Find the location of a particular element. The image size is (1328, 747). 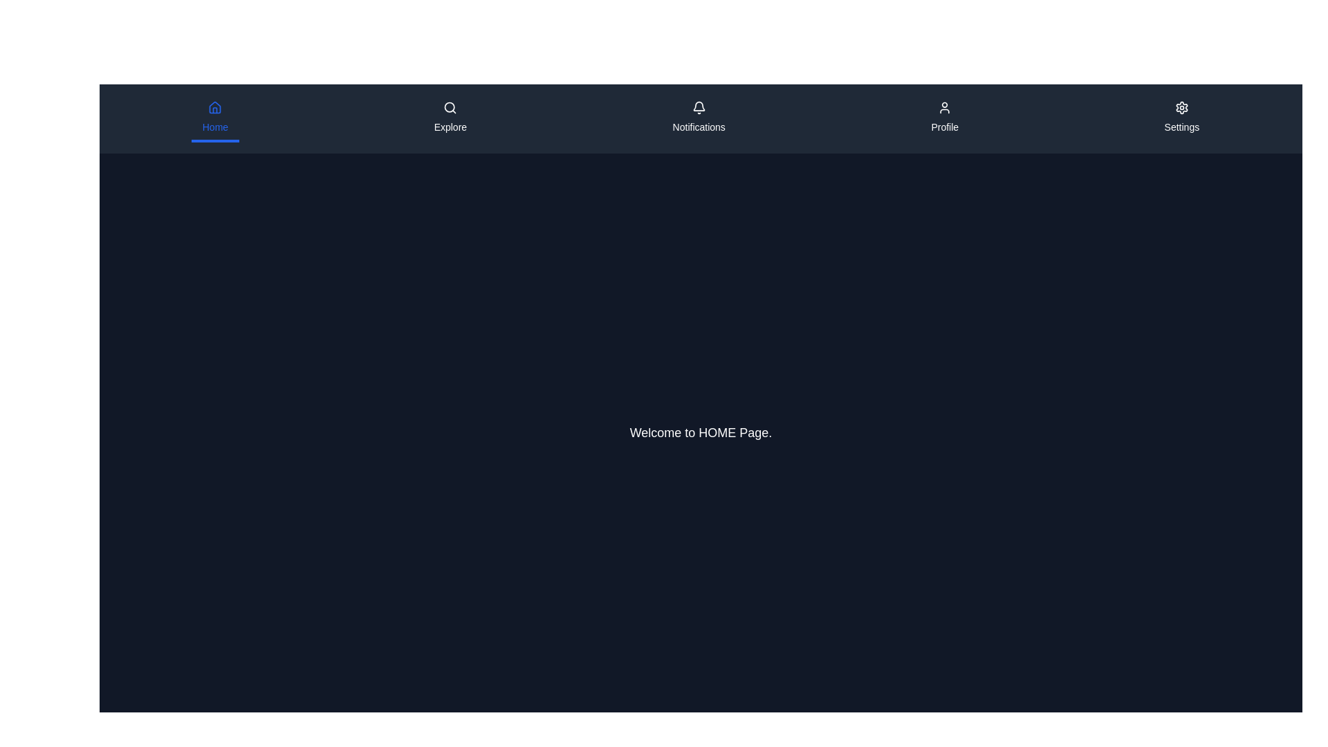

the 'Explore' button, which features a magnifying glass icon and is located in the top navigation bar is located at coordinates (450, 118).